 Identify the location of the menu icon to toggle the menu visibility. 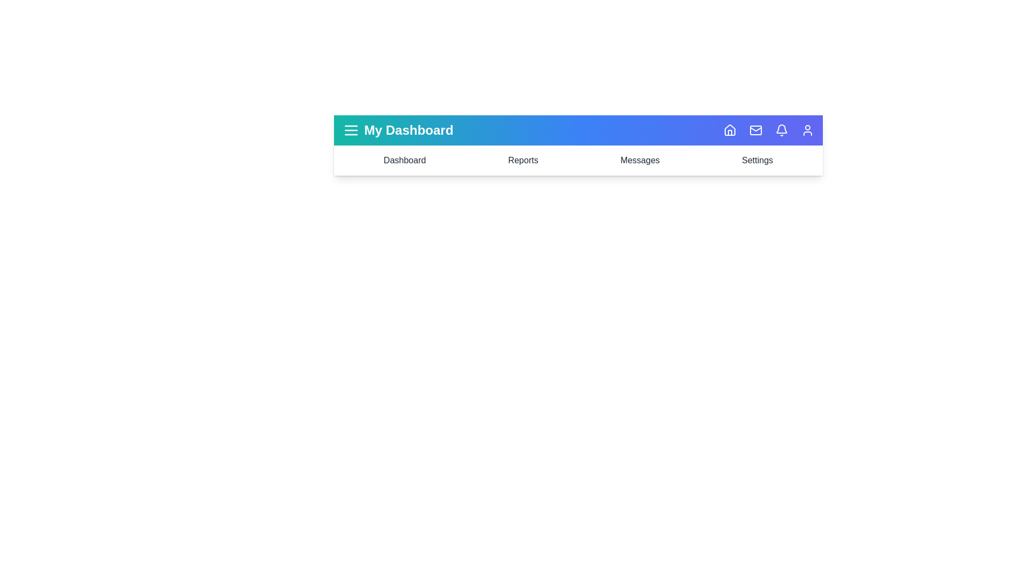
(351, 130).